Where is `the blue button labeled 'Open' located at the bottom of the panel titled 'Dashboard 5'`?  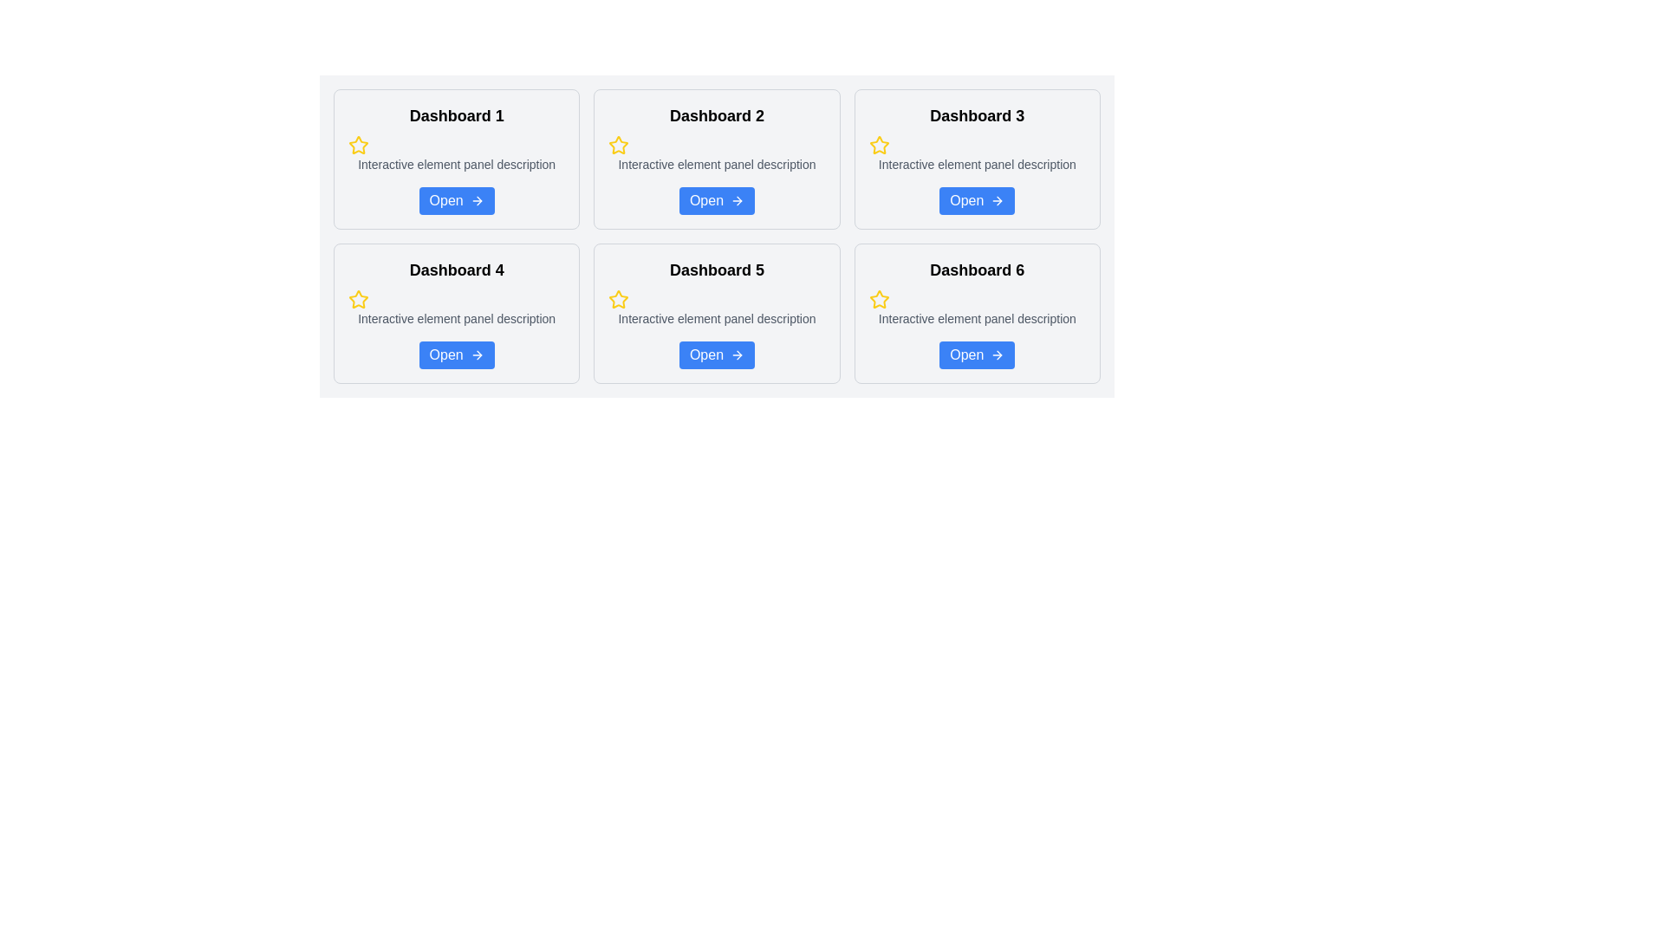 the blue button labeled 'Open' located at the bottom of the panel titled 'Dashboard 5' is located at coordinates (717, 314).